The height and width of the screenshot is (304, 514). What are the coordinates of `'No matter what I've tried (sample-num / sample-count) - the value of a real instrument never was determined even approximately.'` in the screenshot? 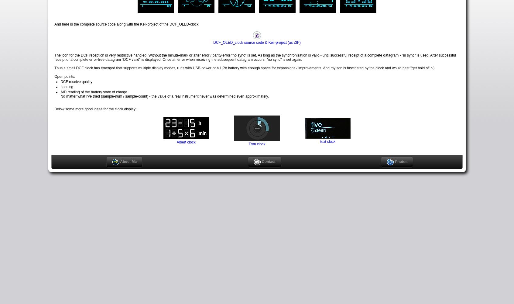 It's located at (164, 96).